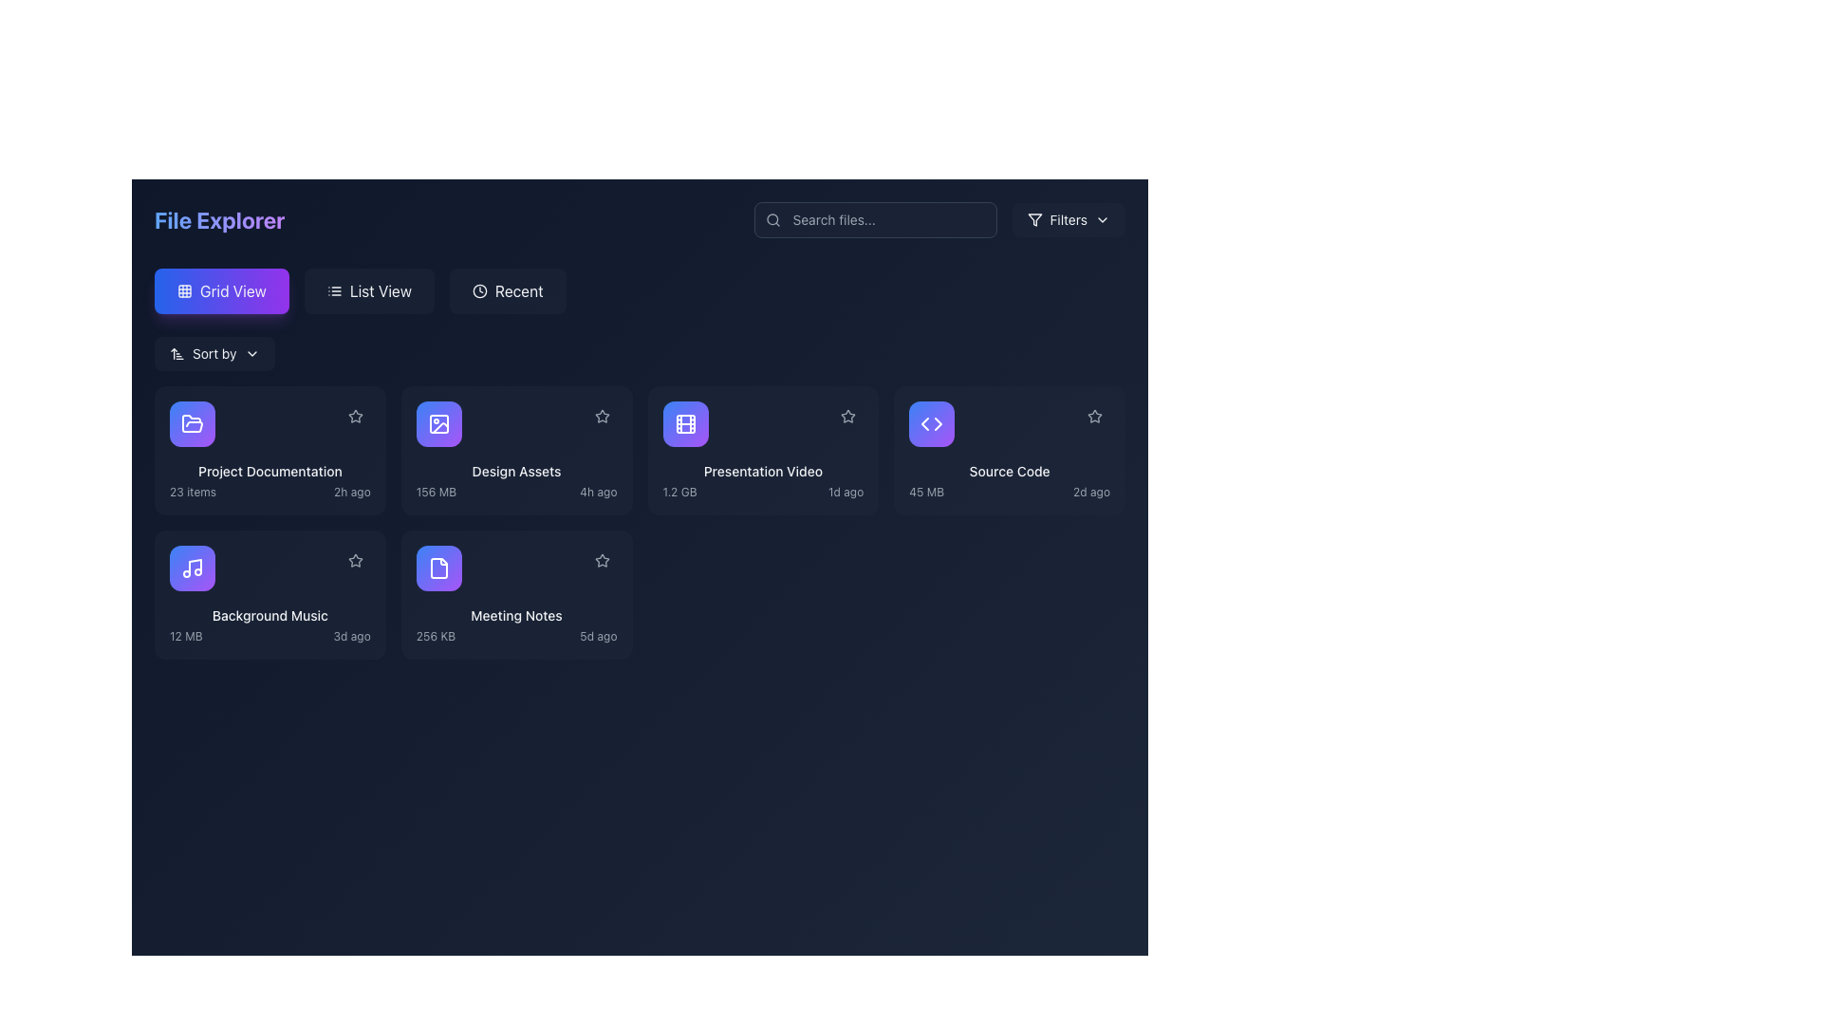 Image resolution: width=1822 pixels, height=1025 pixels. I want to click on the text element displaying 'File Explorer' which is styled with a gradient from blue to purple and located at the top-left corner of the section, so click(219, 218).